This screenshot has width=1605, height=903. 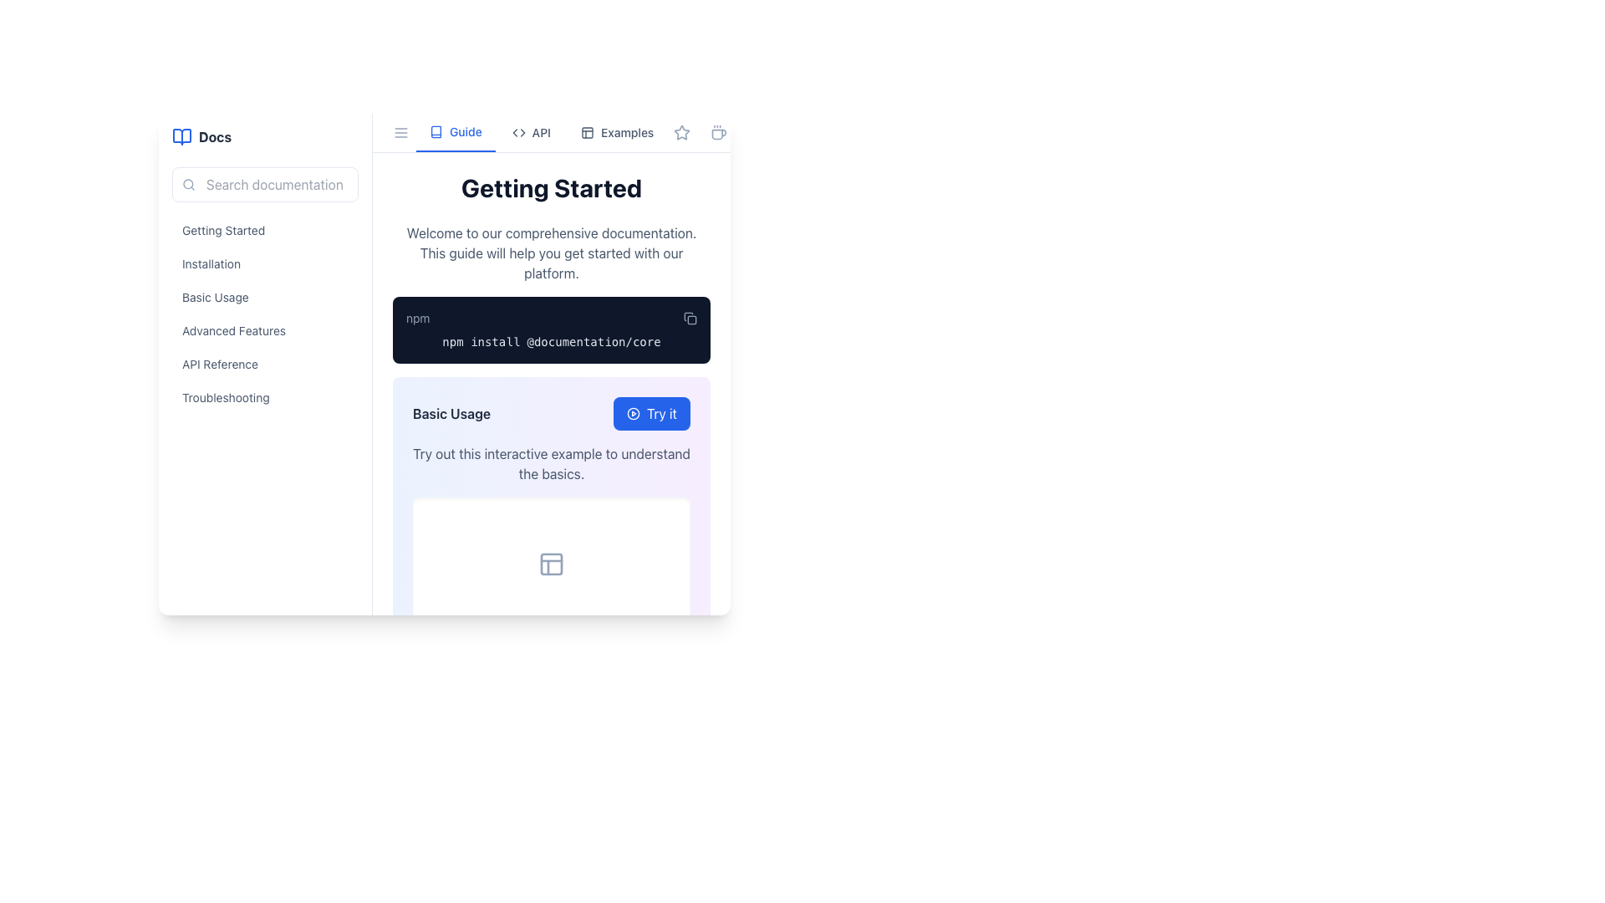 What do you see at coordinates (264, 231) in the screenshot?
I see `the 'Getting Started' link located at the top of the vertical list in the left sidebar` at bounding box center [264, 231].